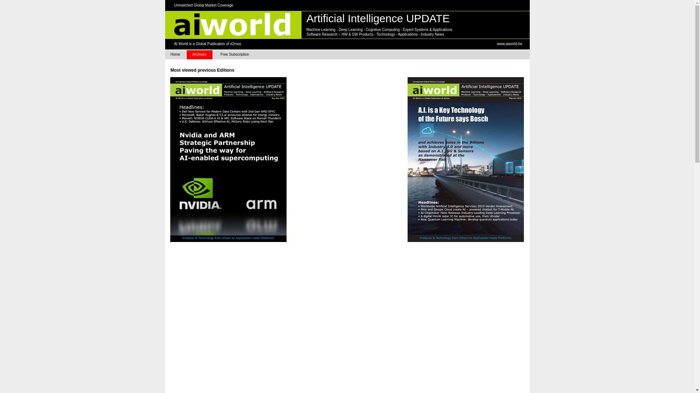  I want to click on 'Home', so click(175, 54).